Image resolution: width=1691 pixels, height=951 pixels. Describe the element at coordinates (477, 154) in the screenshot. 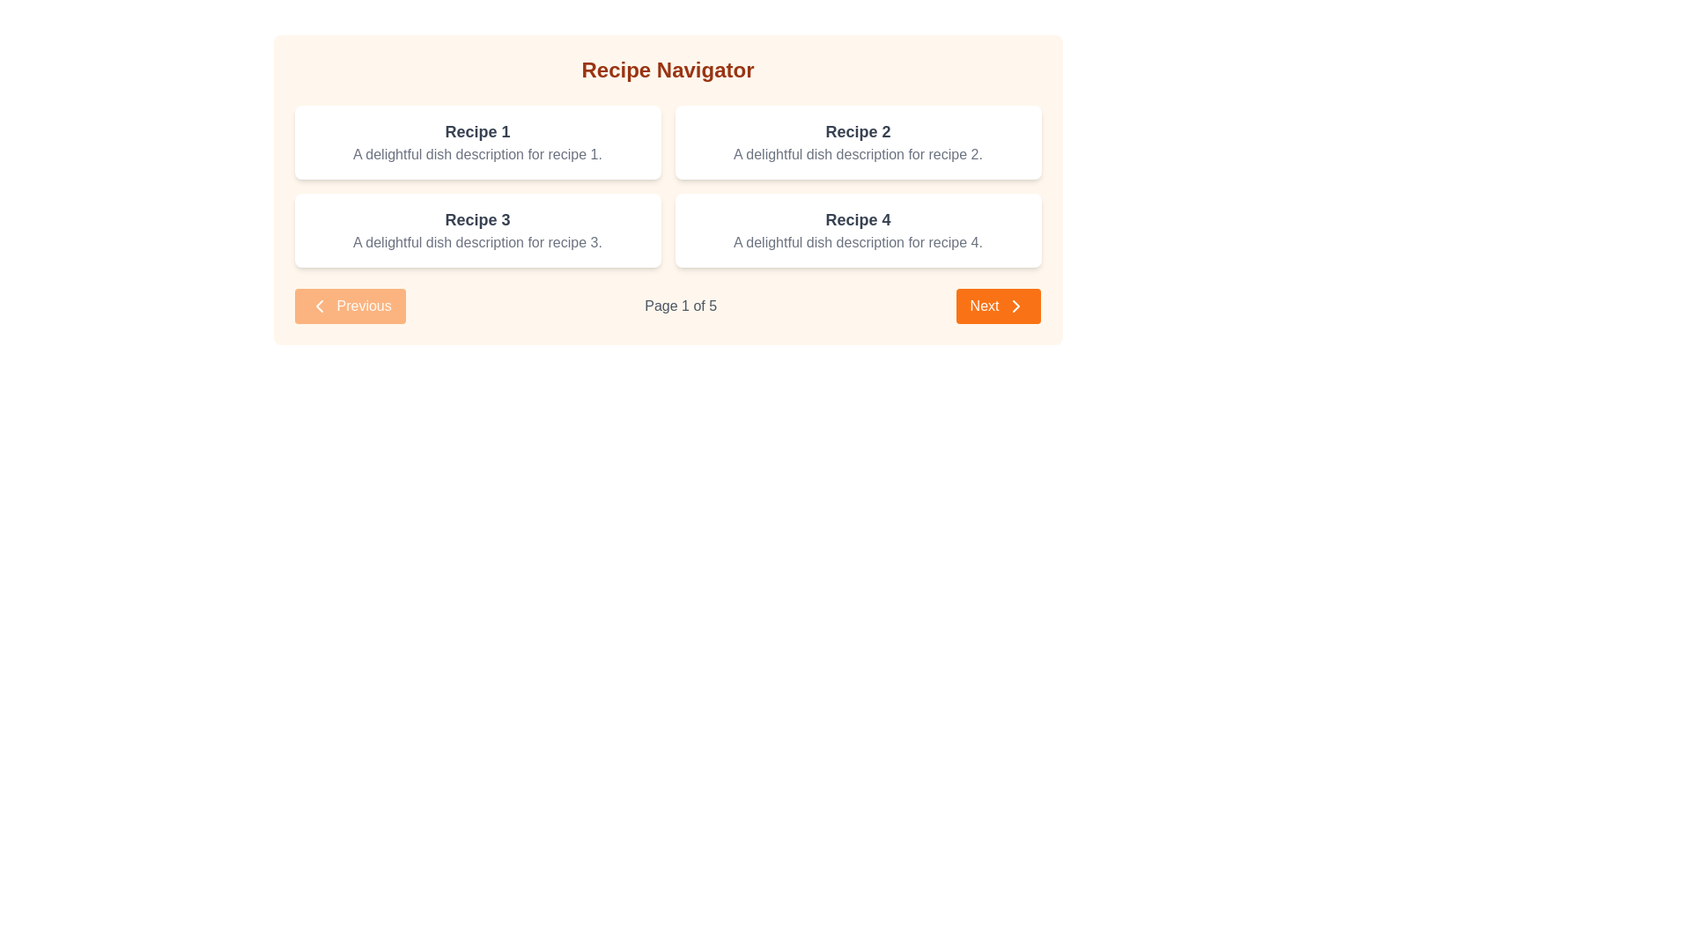

I see `description text 'A delightful dish description for recipe 1.' located within the white rounded-cornered card below the title 'Recipe 1' in the Recipe Navigator interface` at that location.